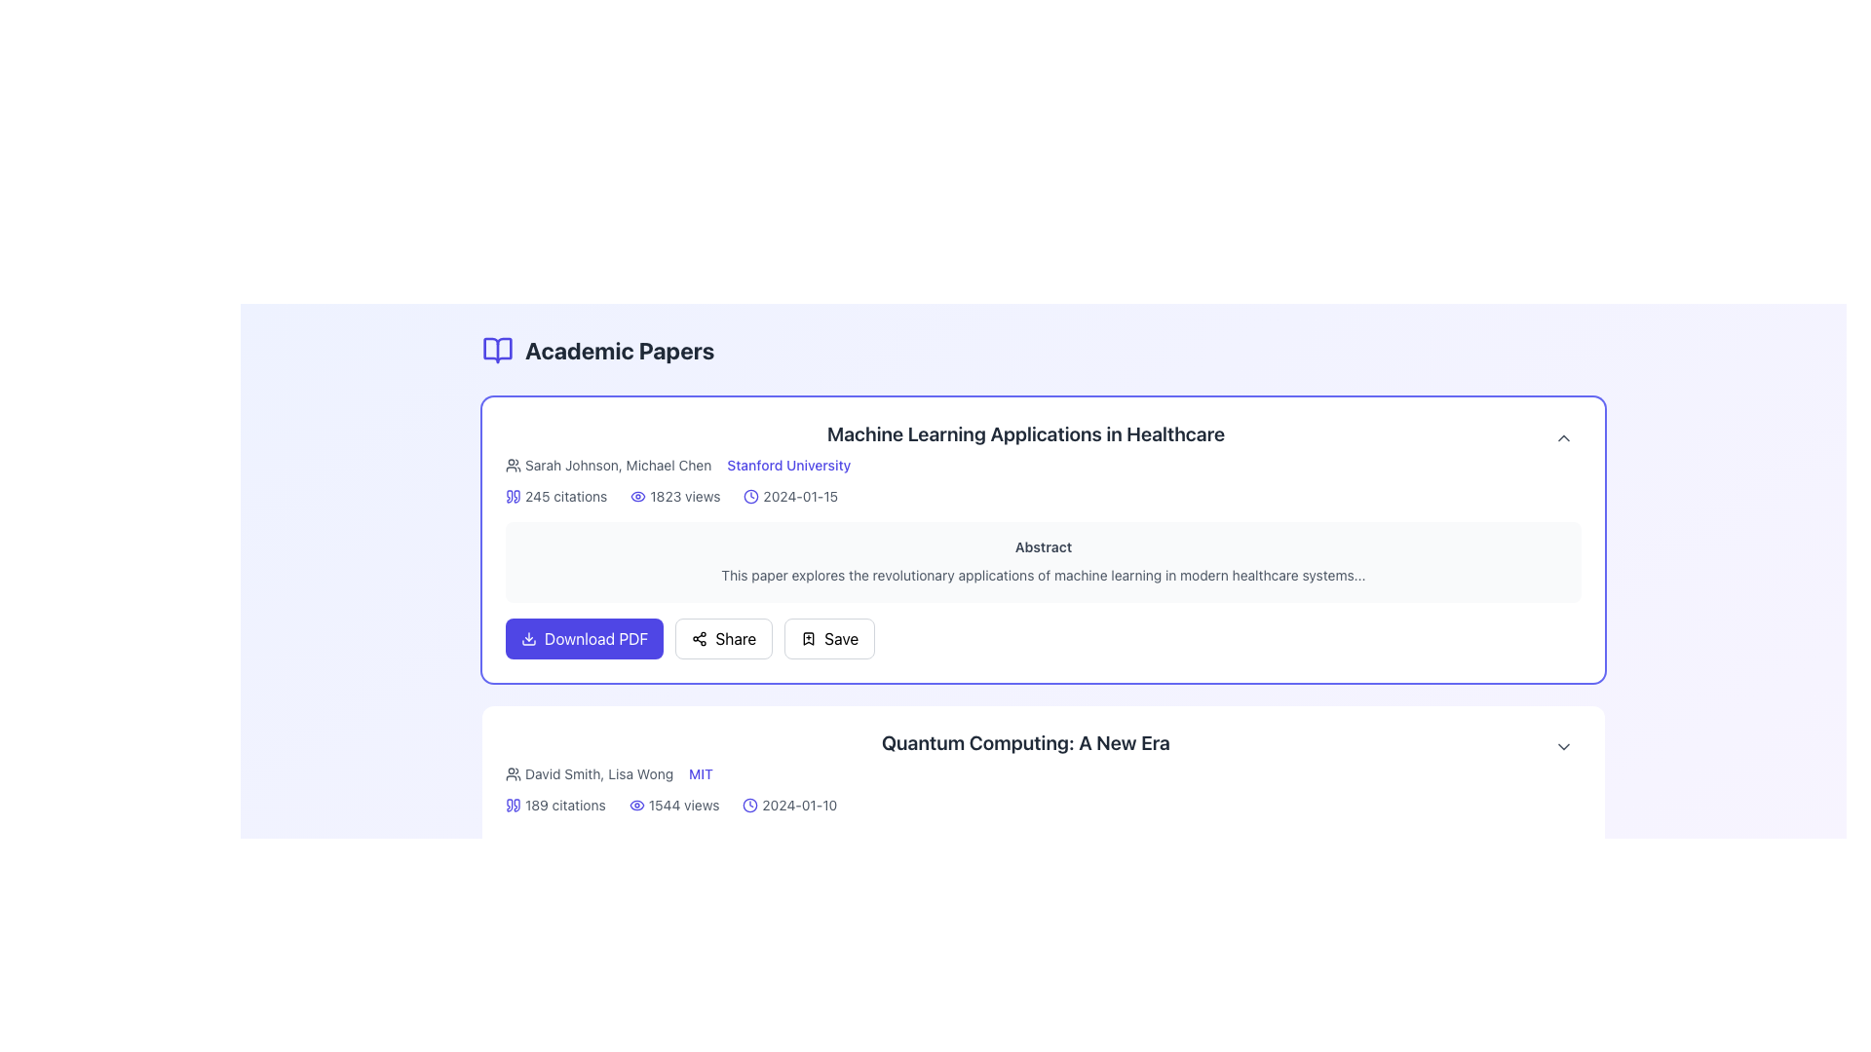  I want to click on the indigo blue eye icon, which is the first element in a group displaying '1544 views' near the bottom-left of the 'Quantum Computing: A New Era' card, so click(636, 805).